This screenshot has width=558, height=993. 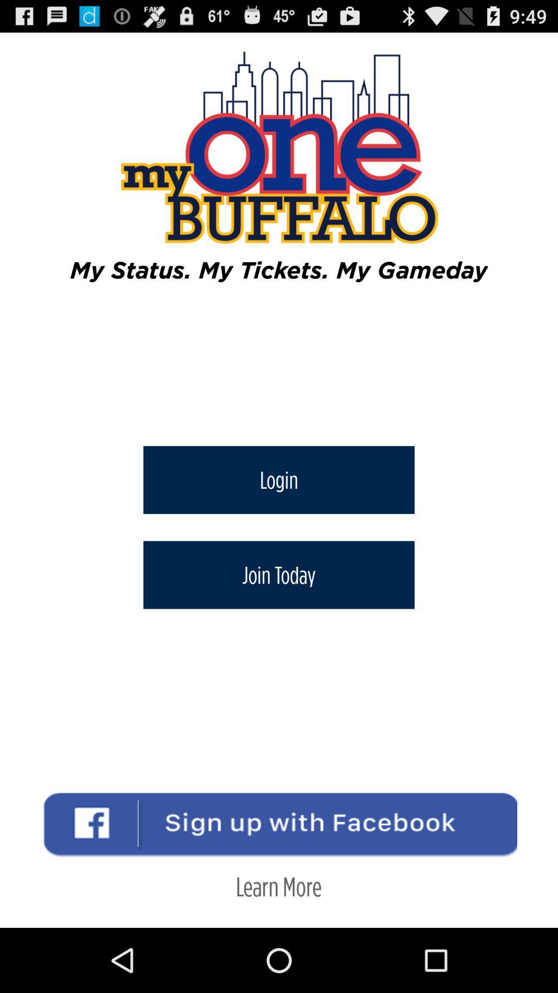 What do you see at coordinates (279, 479) in the screenshot?
I see `item below my status my` at bounding box center [279, 479].